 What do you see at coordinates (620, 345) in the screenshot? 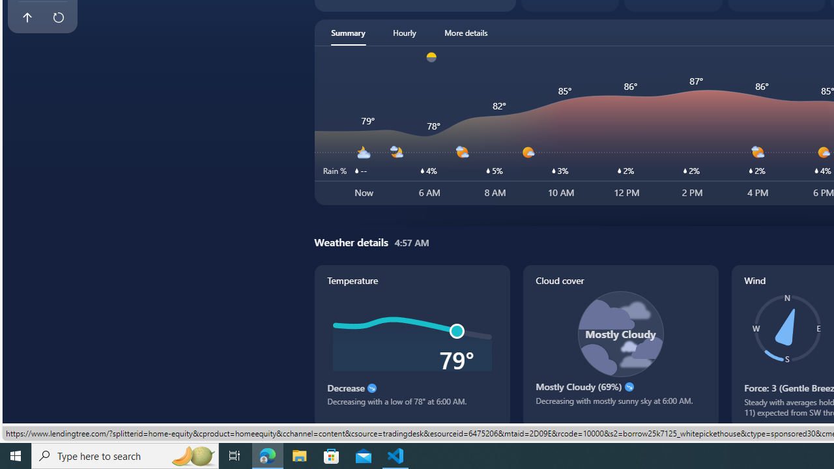
I see `'Cloud cover'` at bounding box center [620, 345].